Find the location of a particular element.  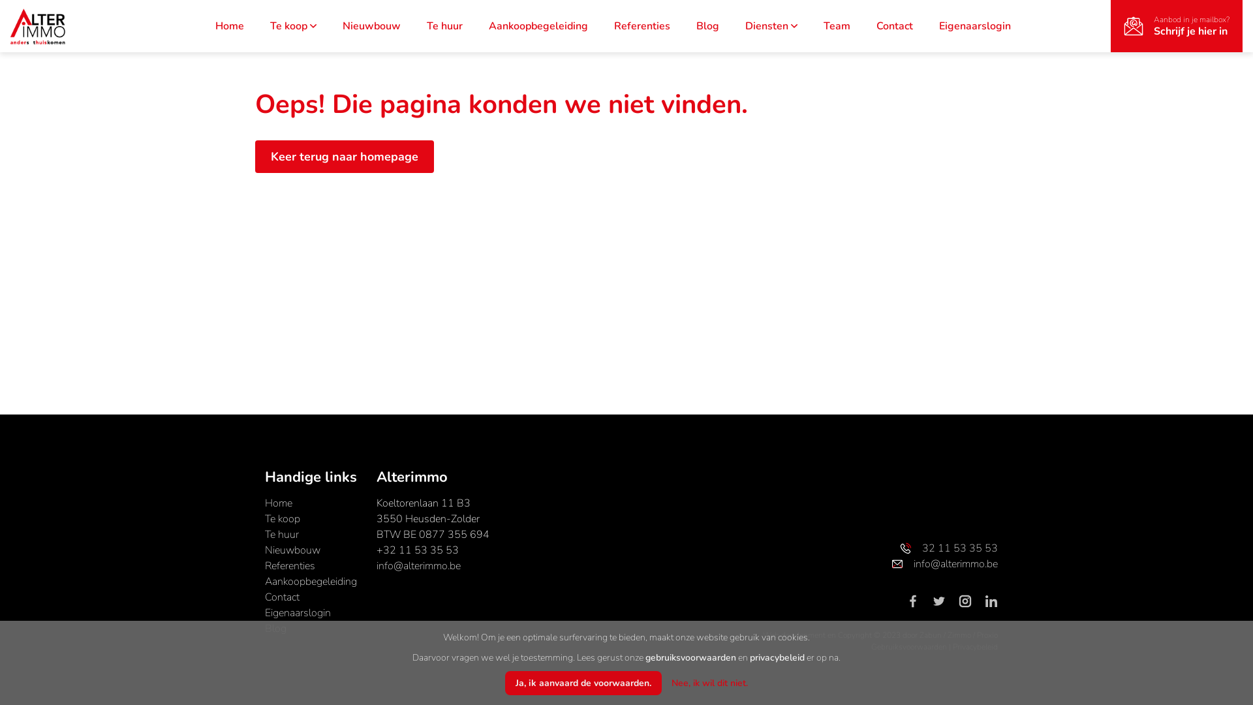

'Blog' is located at coordinates (275, 628).